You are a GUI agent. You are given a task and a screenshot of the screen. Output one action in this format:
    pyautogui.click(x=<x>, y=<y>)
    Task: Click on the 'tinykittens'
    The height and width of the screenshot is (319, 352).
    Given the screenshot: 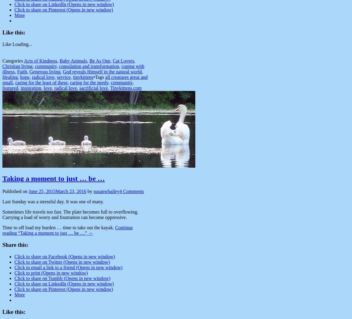 What is the action you would take?
    pyautogui.click(x=83, y=76)
    